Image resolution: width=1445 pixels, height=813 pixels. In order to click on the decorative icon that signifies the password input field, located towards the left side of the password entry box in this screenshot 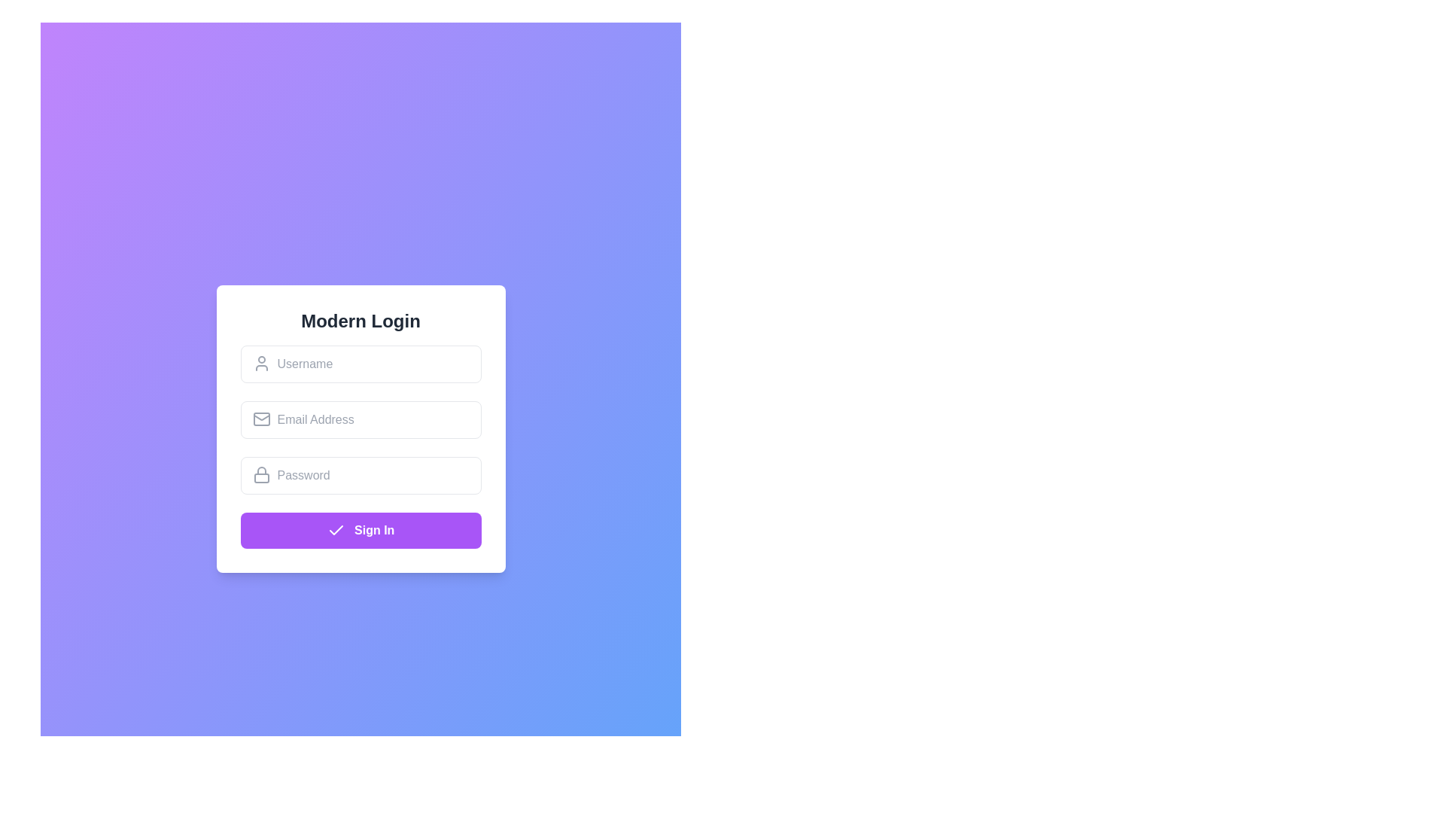, I will do `click(261, 474)`.